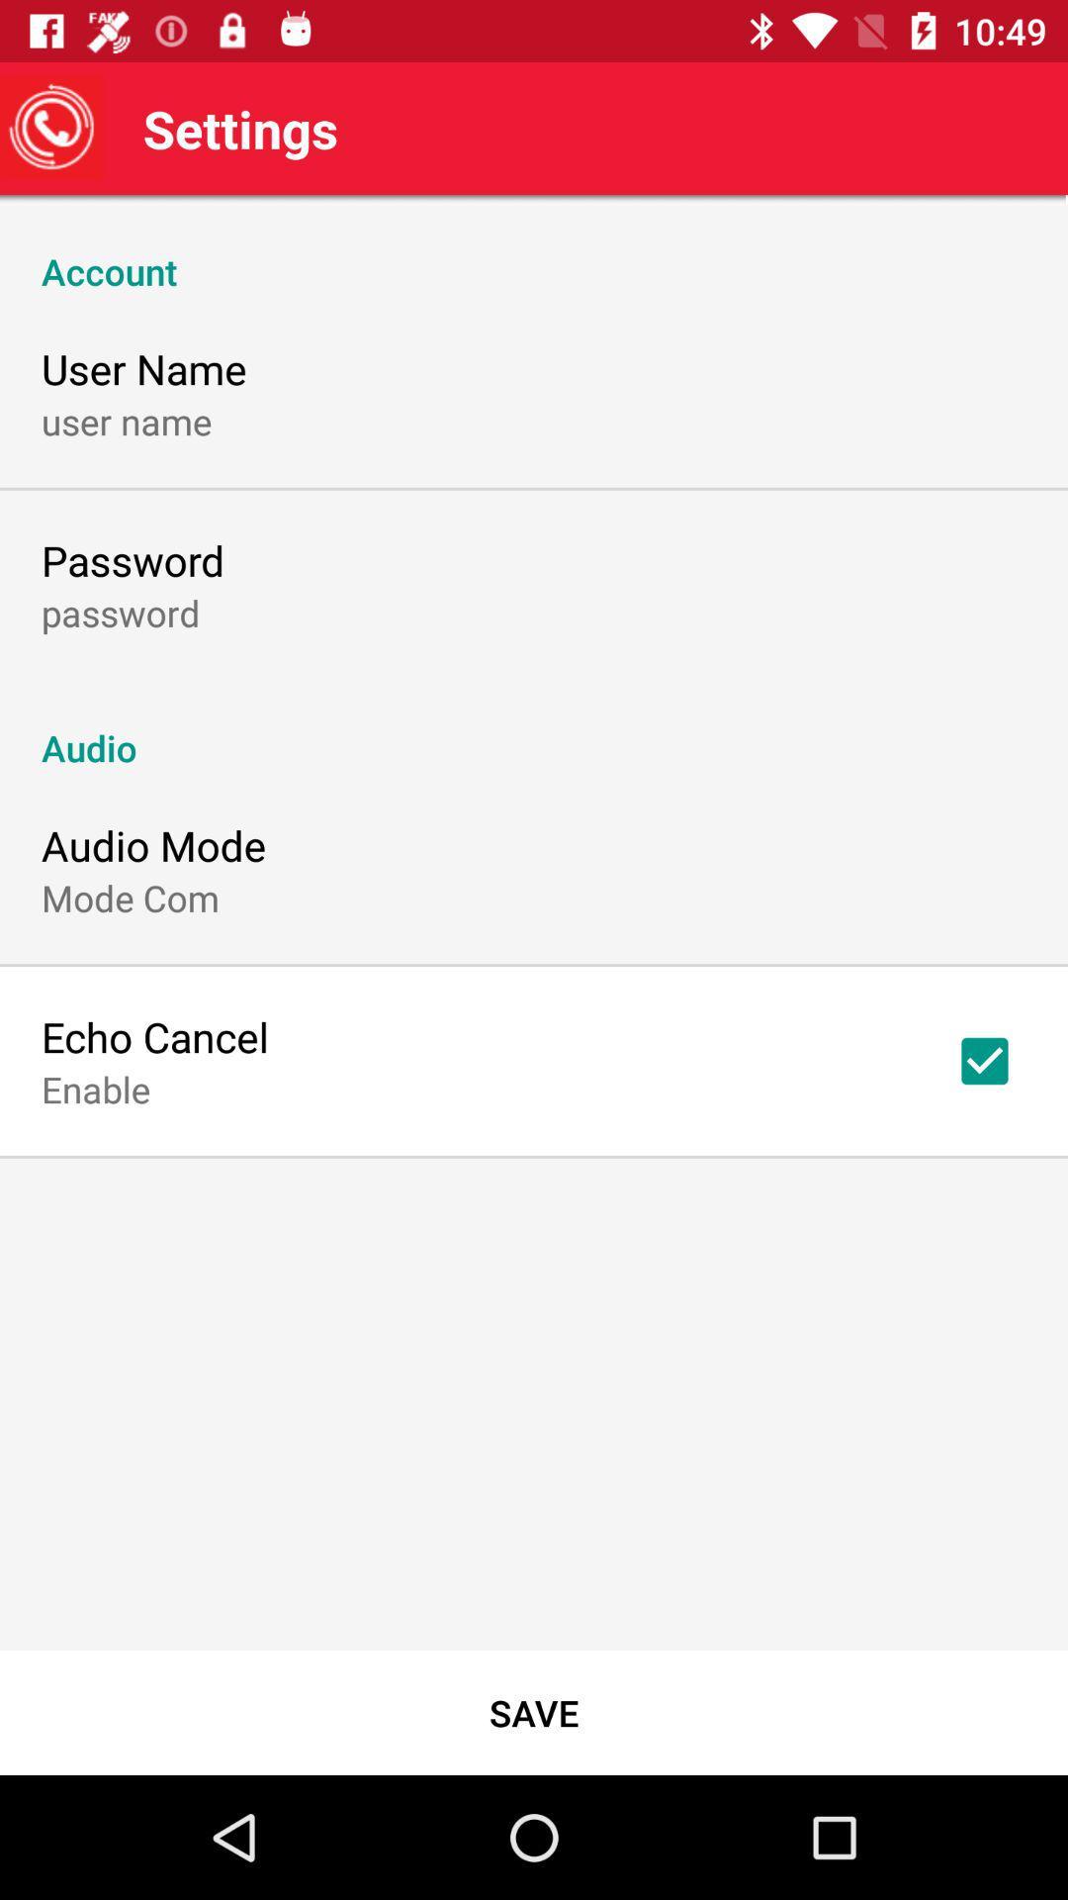  What do you see at coordinates (96, 1088) in the screenshot?
I see `the enable icon` at bounding box center [96, 1088].